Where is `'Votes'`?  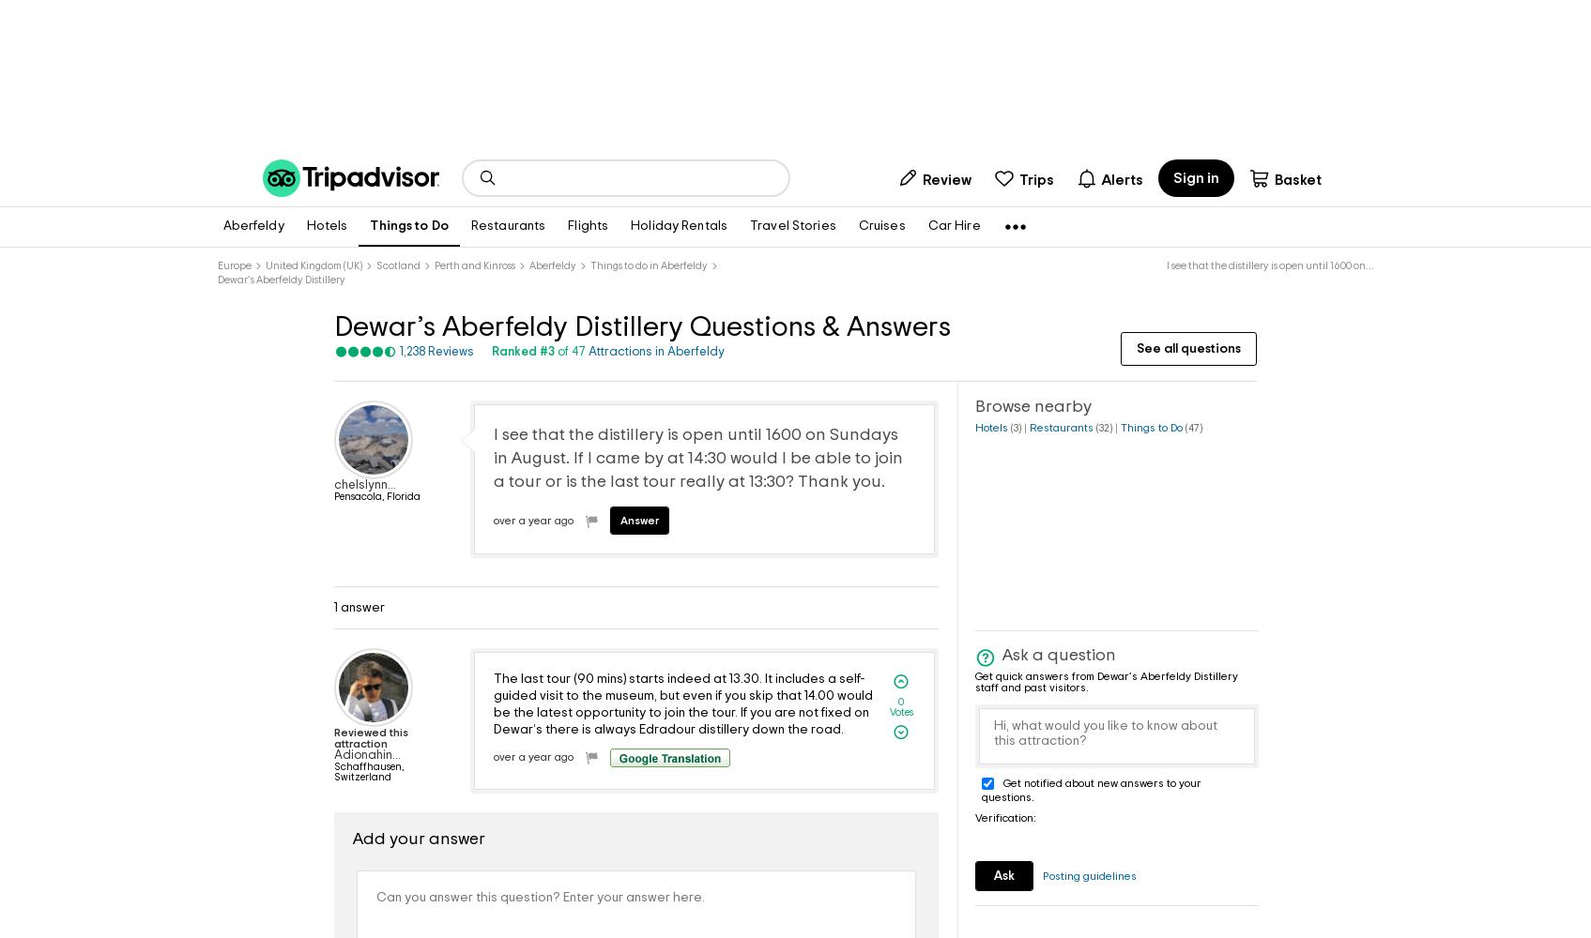
'Votes' is located at coordinates (888, 711).